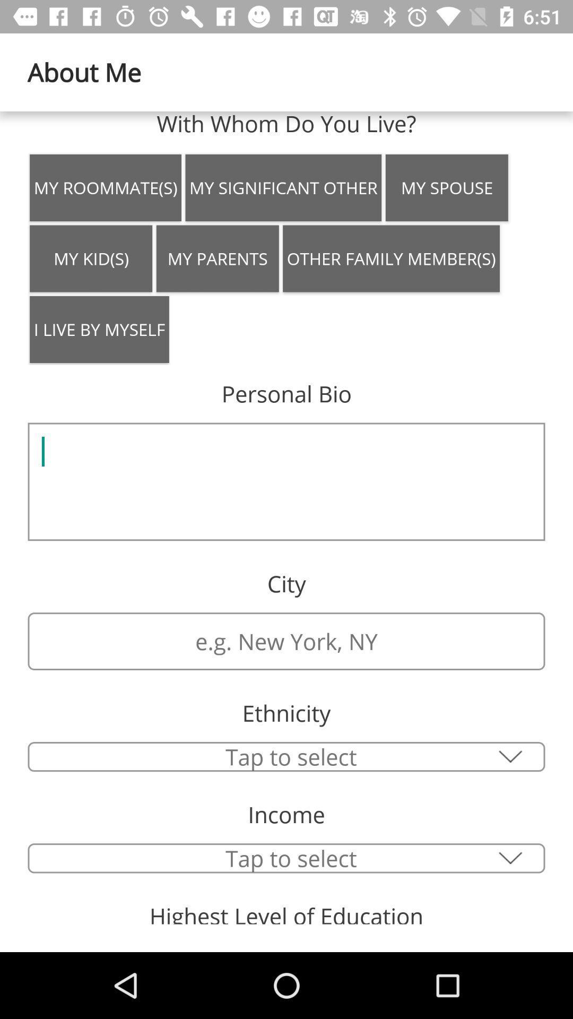 This screenshot has height=1019, width=573. What do you see at coordinates (286, 858) in the screenshot?
I see `income level dropdown menu` at bounding box center [286, 858].